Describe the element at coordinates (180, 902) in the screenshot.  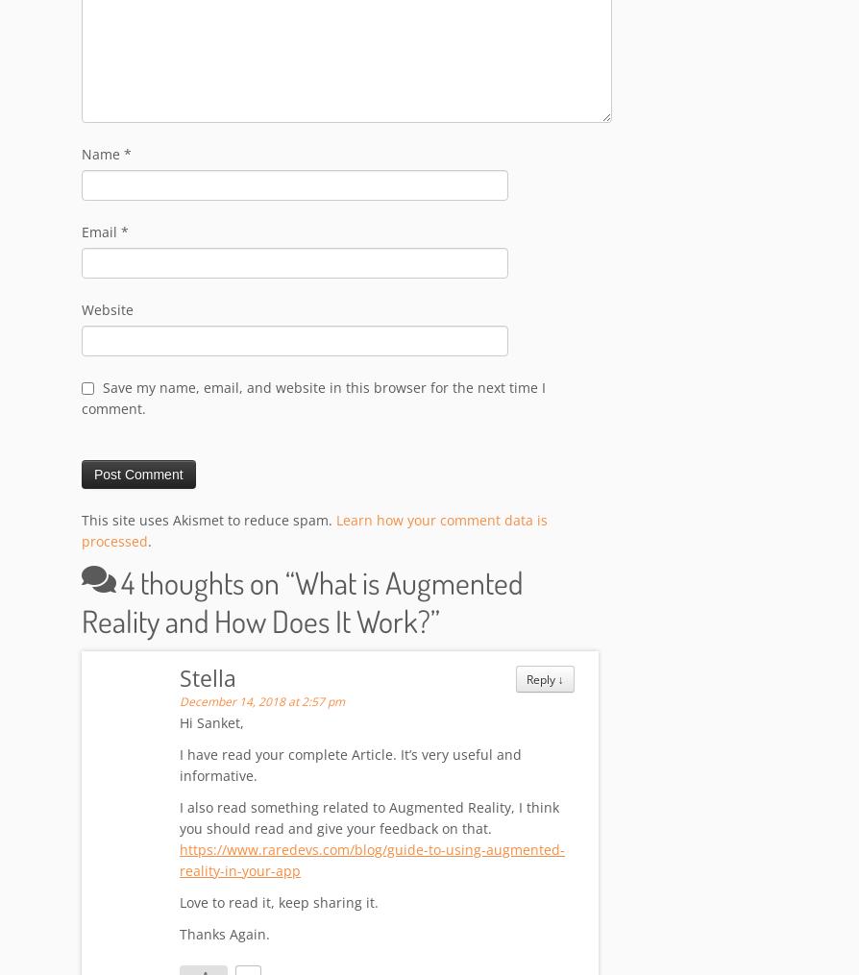
I see `'Love to read it, keep sharing it.'` at that location.